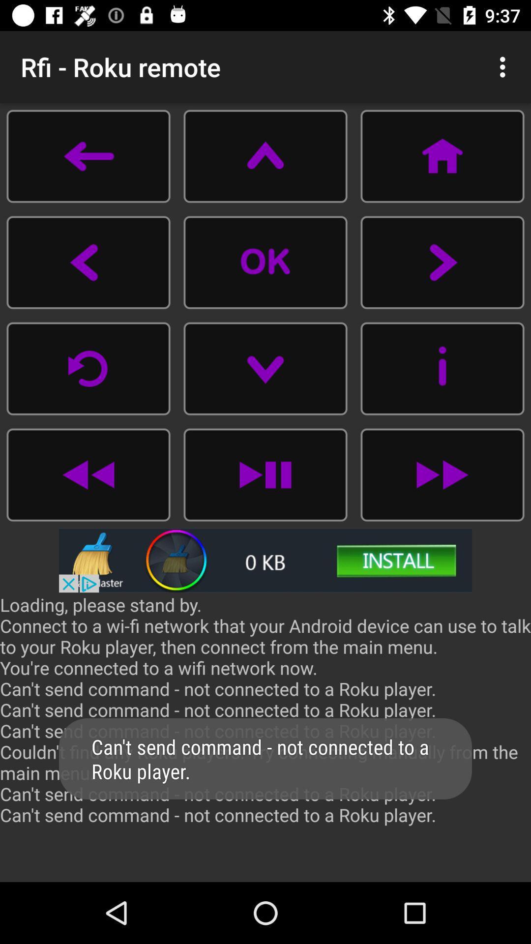 The height and width of the screenshot is (944, 531). What do you see at coordinates (442, 474) in the screenshot?
I see `the av_forward icon` at bounding box center [442, 474].